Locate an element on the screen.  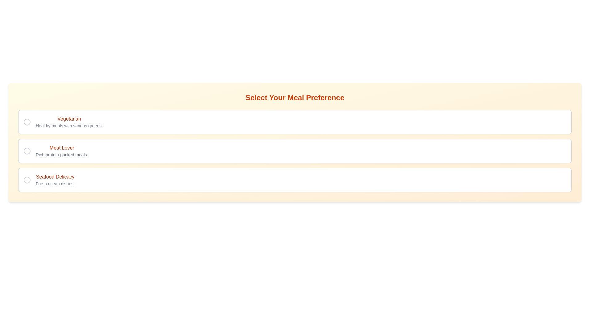
the descriptive text label providing information about the 'Meat Lover' meal option, located directly below its title is located at coordinates (62, 154).